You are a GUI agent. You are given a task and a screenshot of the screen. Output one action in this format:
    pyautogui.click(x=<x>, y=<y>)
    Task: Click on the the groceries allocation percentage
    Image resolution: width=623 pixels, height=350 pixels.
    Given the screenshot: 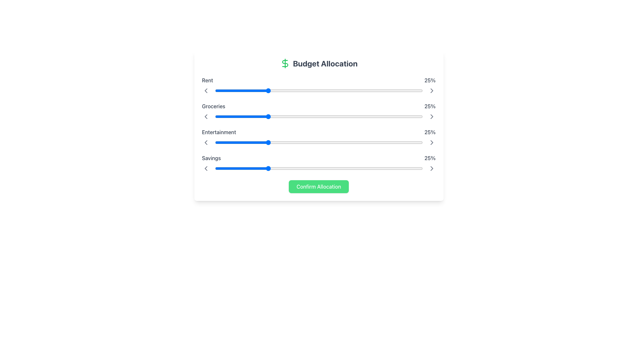 What is the action you would take?
    pyautogui.click(x=345, y=116)
    